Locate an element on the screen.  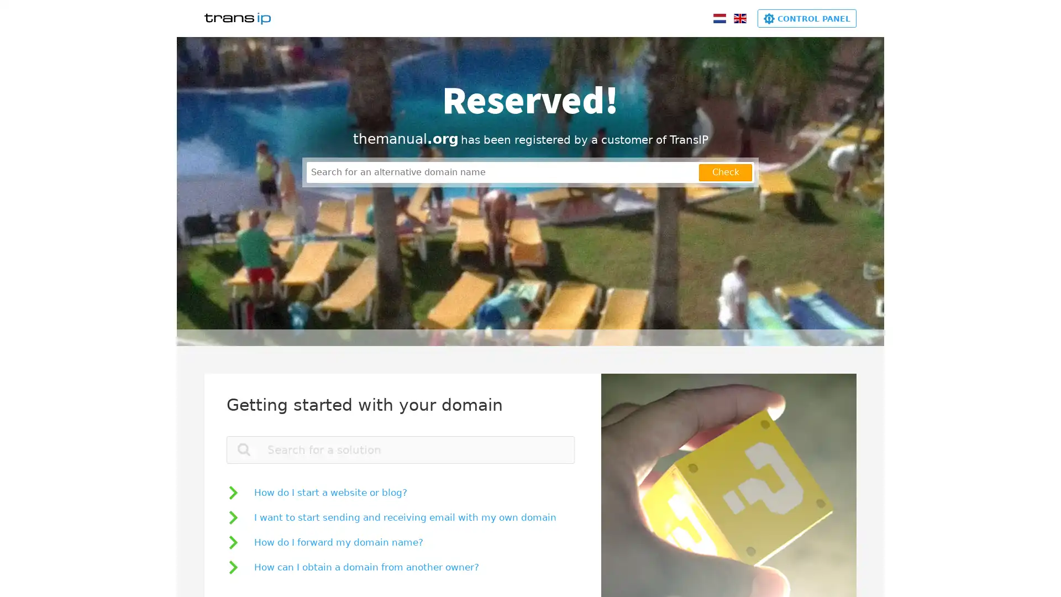
Check is located at coordinates (726, 172).